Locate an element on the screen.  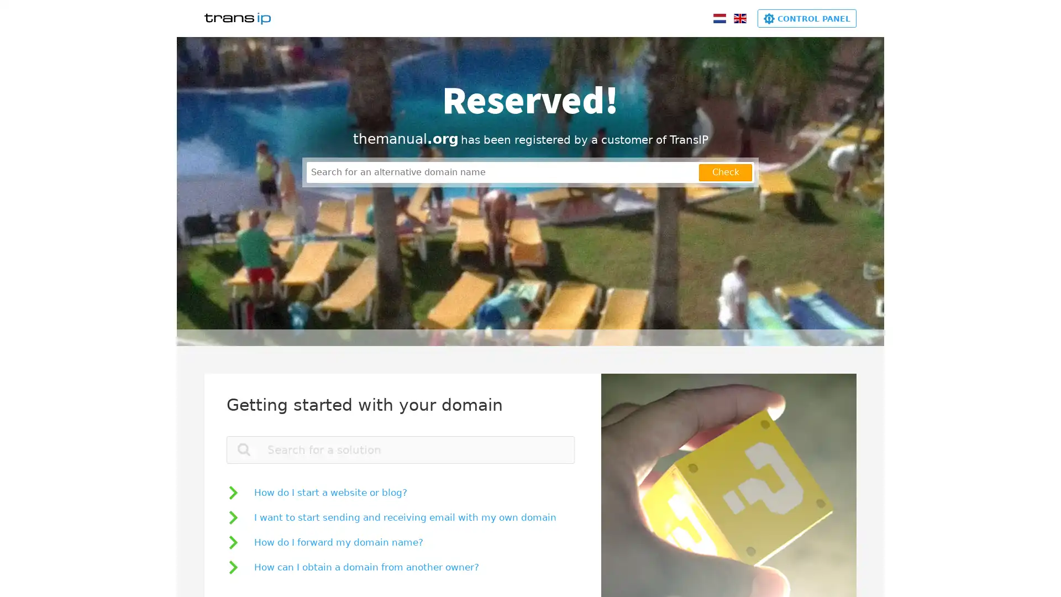
Check is located at coordinates (726, 172).